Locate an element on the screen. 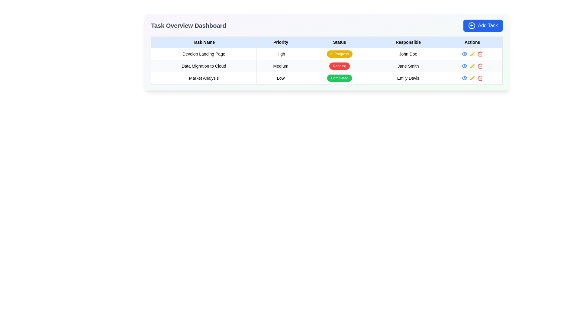  the pencil icon in the Actions column of the second row of the table is located at coordinates (472, 66).